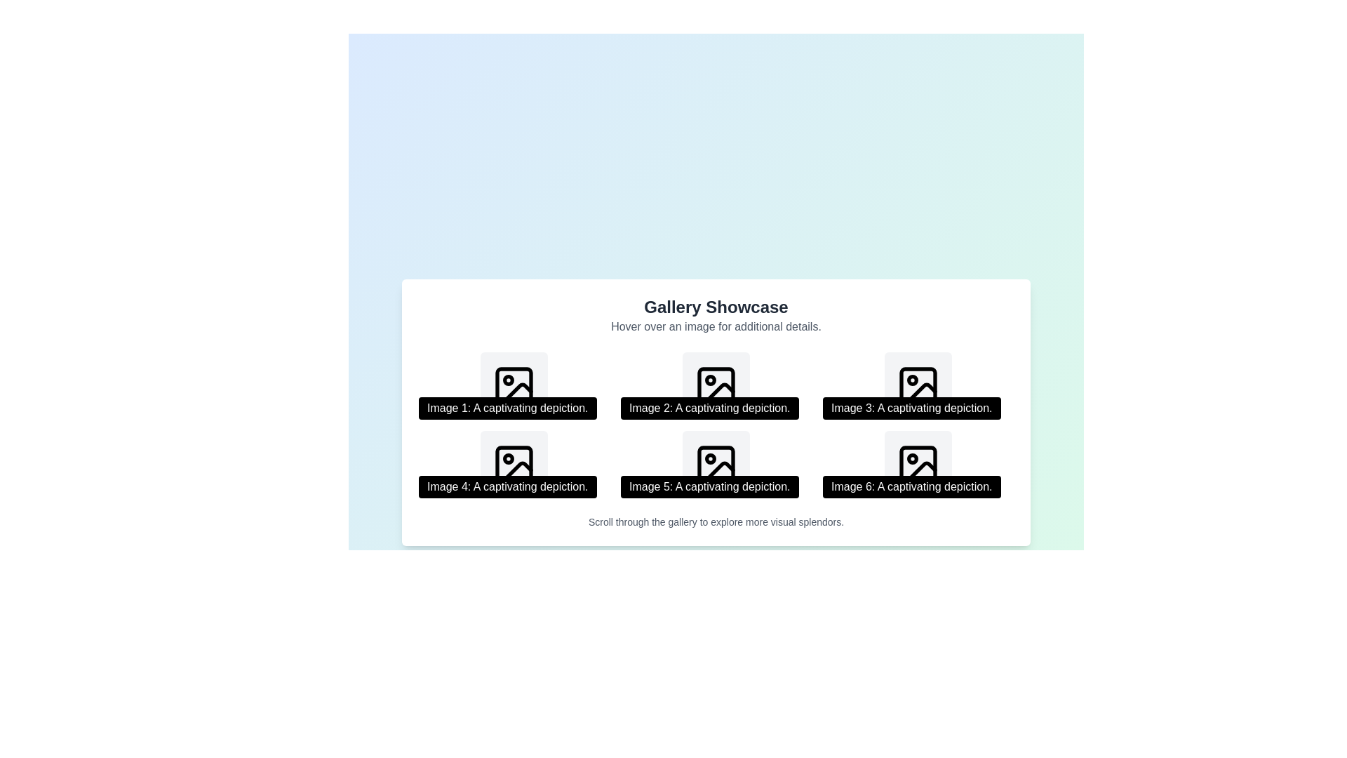 The height and width of the screenshot is (758, 1347). I want to click on the second image placeholder icon in the top row of the gallery interface, so click(716, 386).